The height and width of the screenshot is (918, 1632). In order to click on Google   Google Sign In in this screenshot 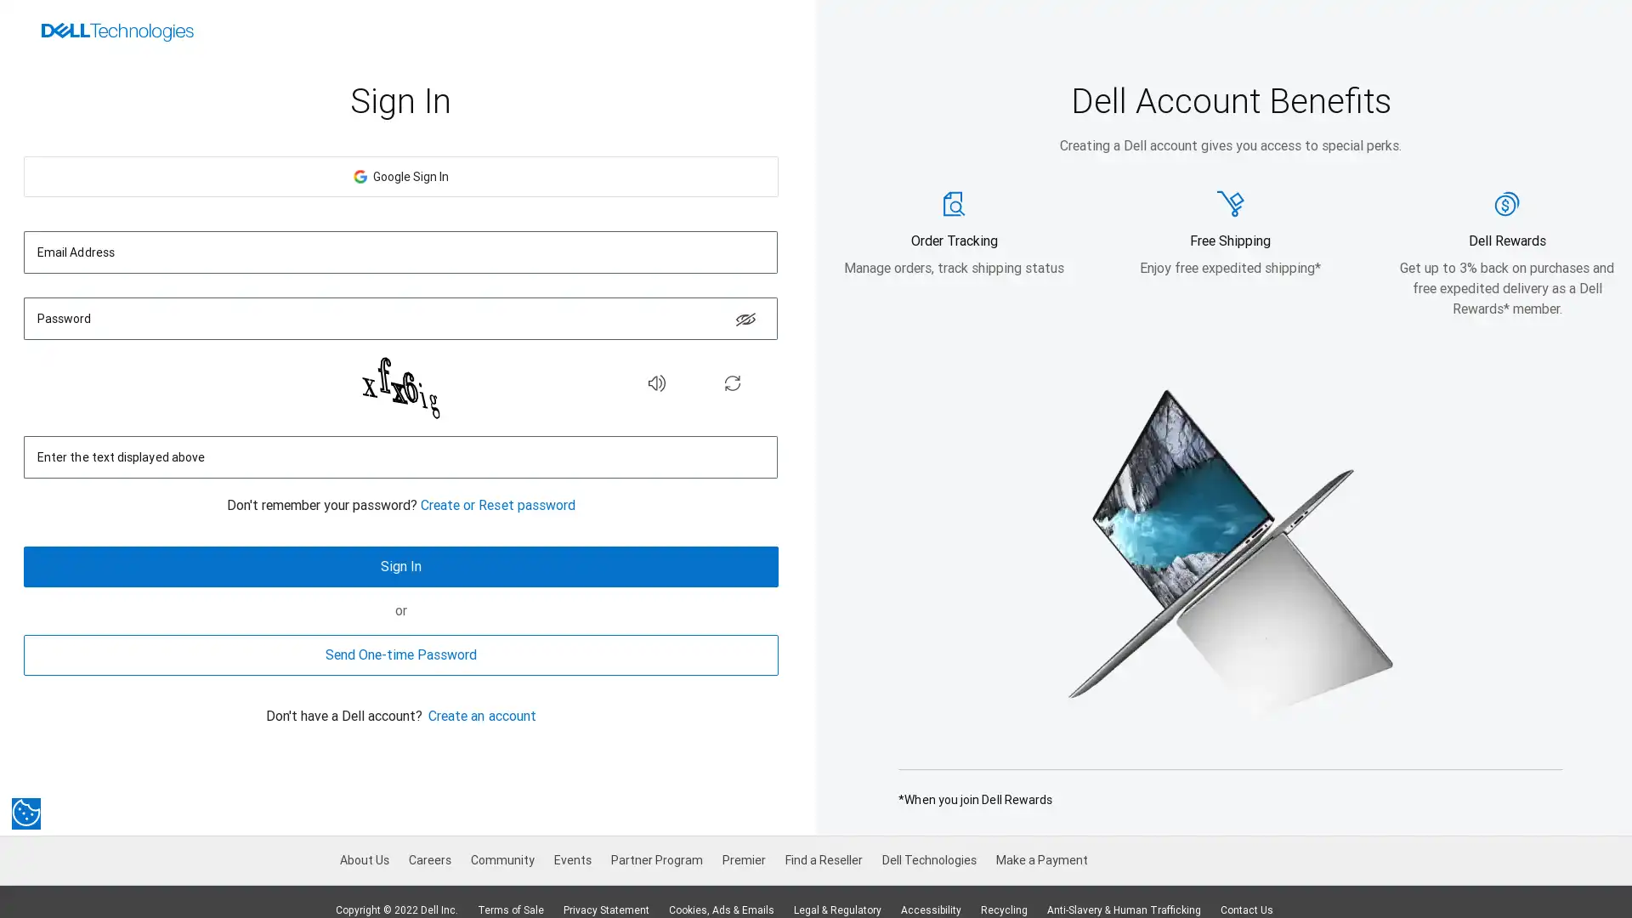, I will do `click(399, 177)`.